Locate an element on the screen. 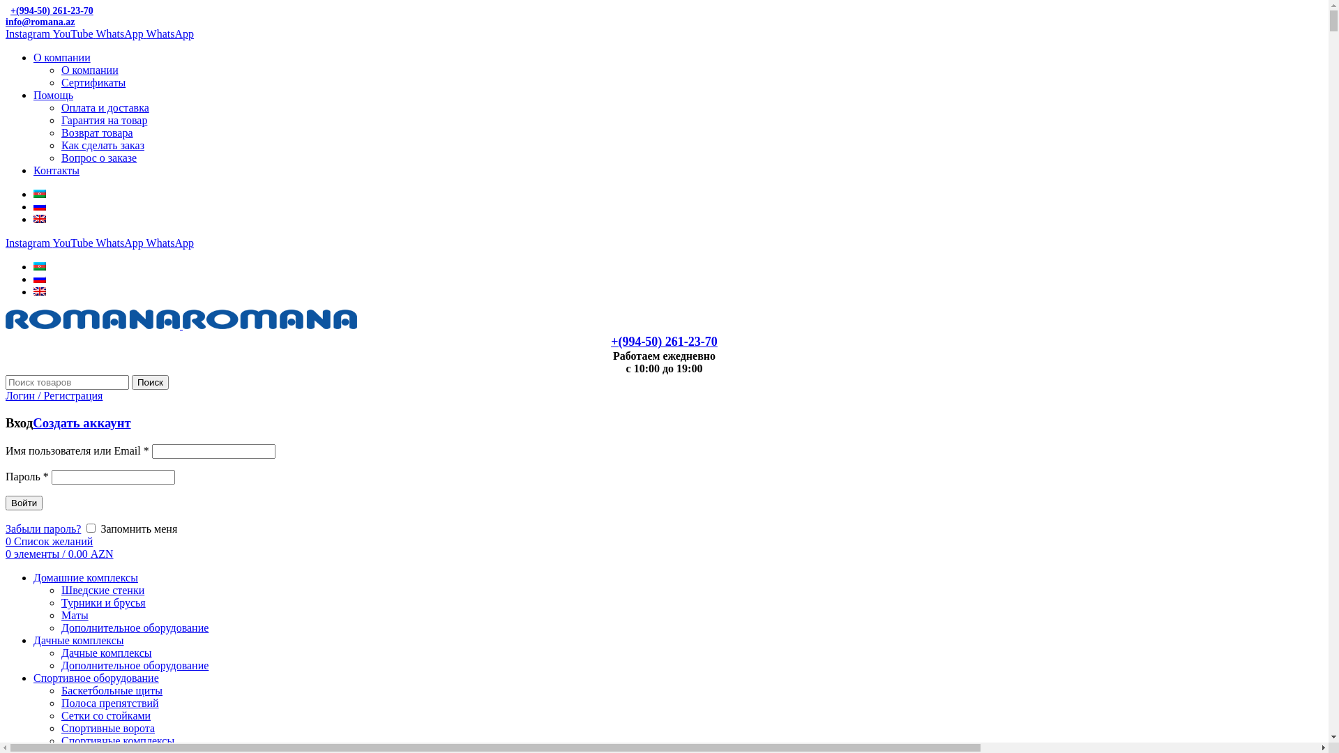 The image size is (1339, 753). '+(994-50) 261-23-70' is located at coordinates (50, 10).